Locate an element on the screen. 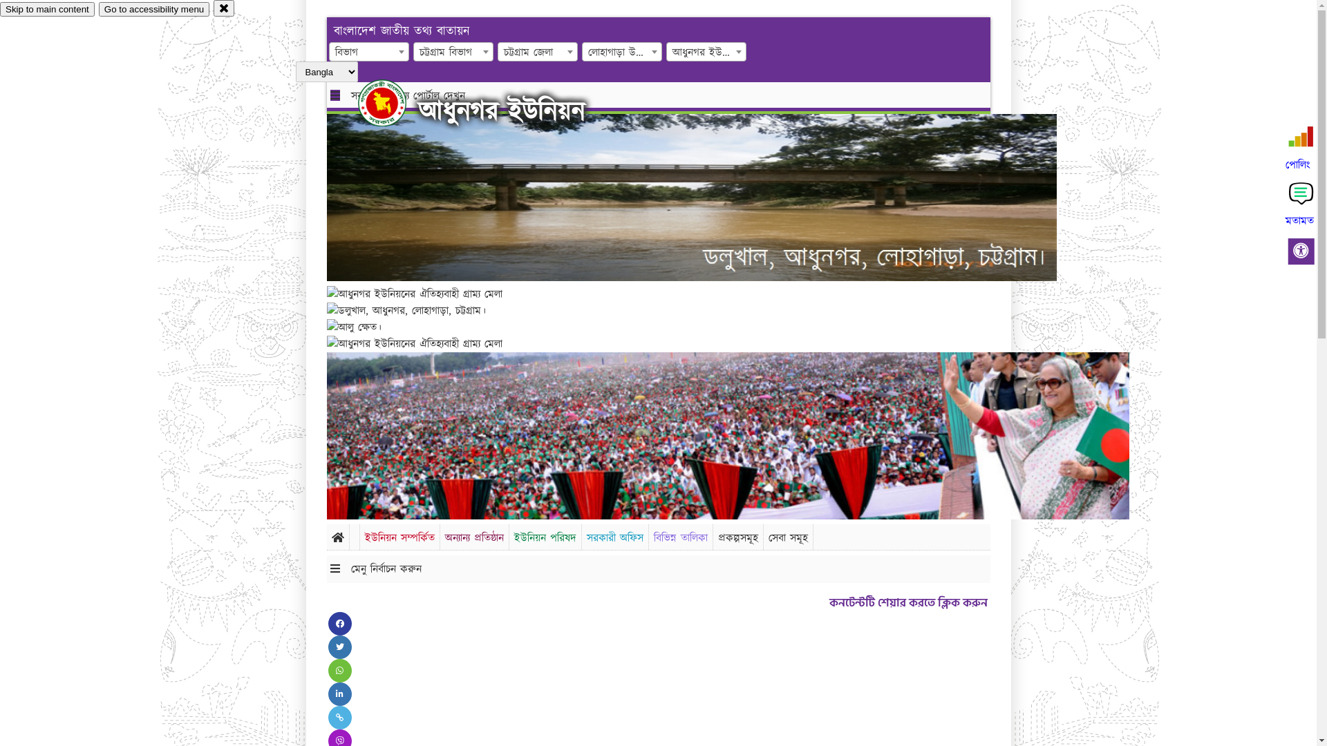  'Go to accessibility menu' is located at coordinates (153, 9).